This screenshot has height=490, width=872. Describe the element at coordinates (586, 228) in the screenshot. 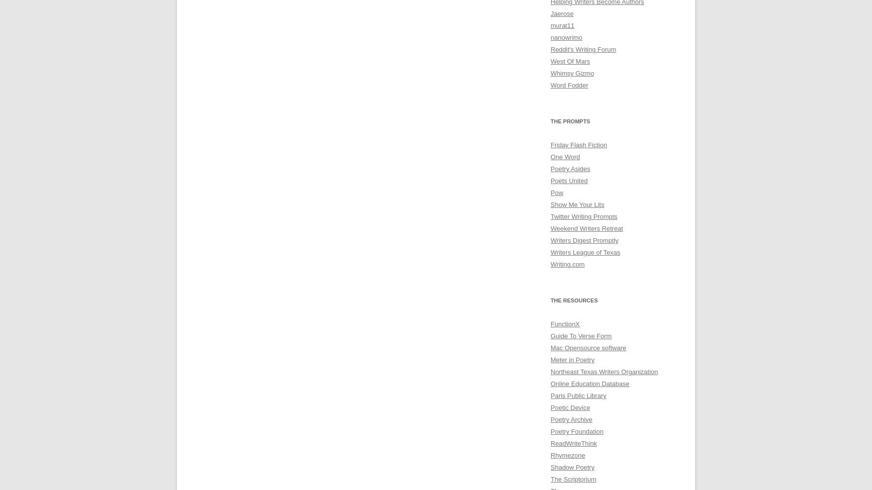

I see `'Weekend Writers Retreat'` at that location.